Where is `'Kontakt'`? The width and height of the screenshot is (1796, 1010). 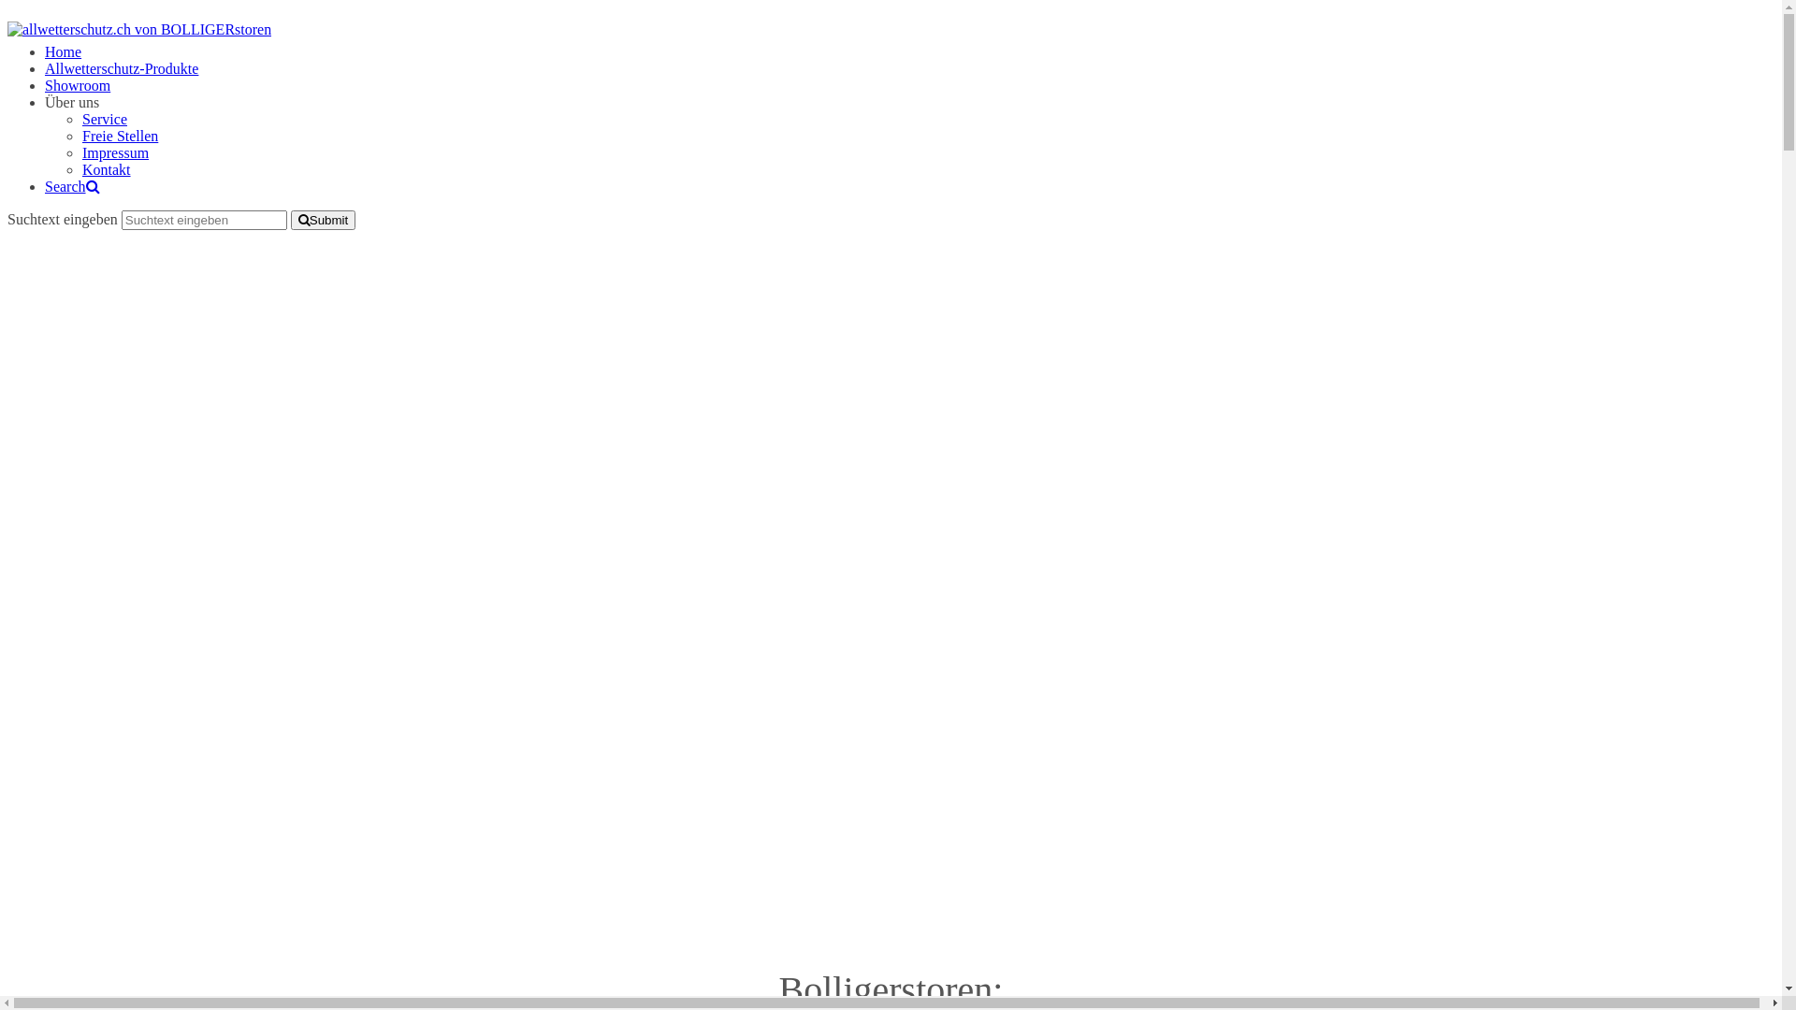 'Kontakt' is located at coordinates (106, 169).